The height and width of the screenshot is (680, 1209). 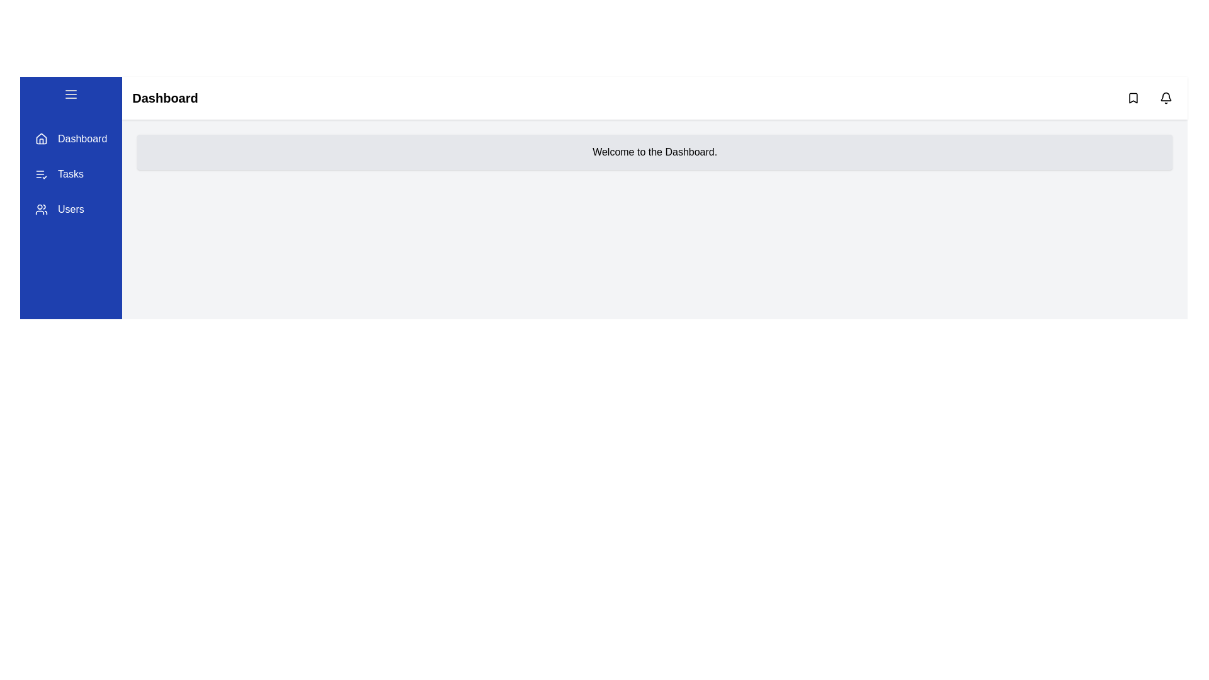 I want to click on the 'Tasks' button in the left side navigation menu, which features a checkmark icon and is positioned below the 'Dashboard' item, so click(x=59, y=174).